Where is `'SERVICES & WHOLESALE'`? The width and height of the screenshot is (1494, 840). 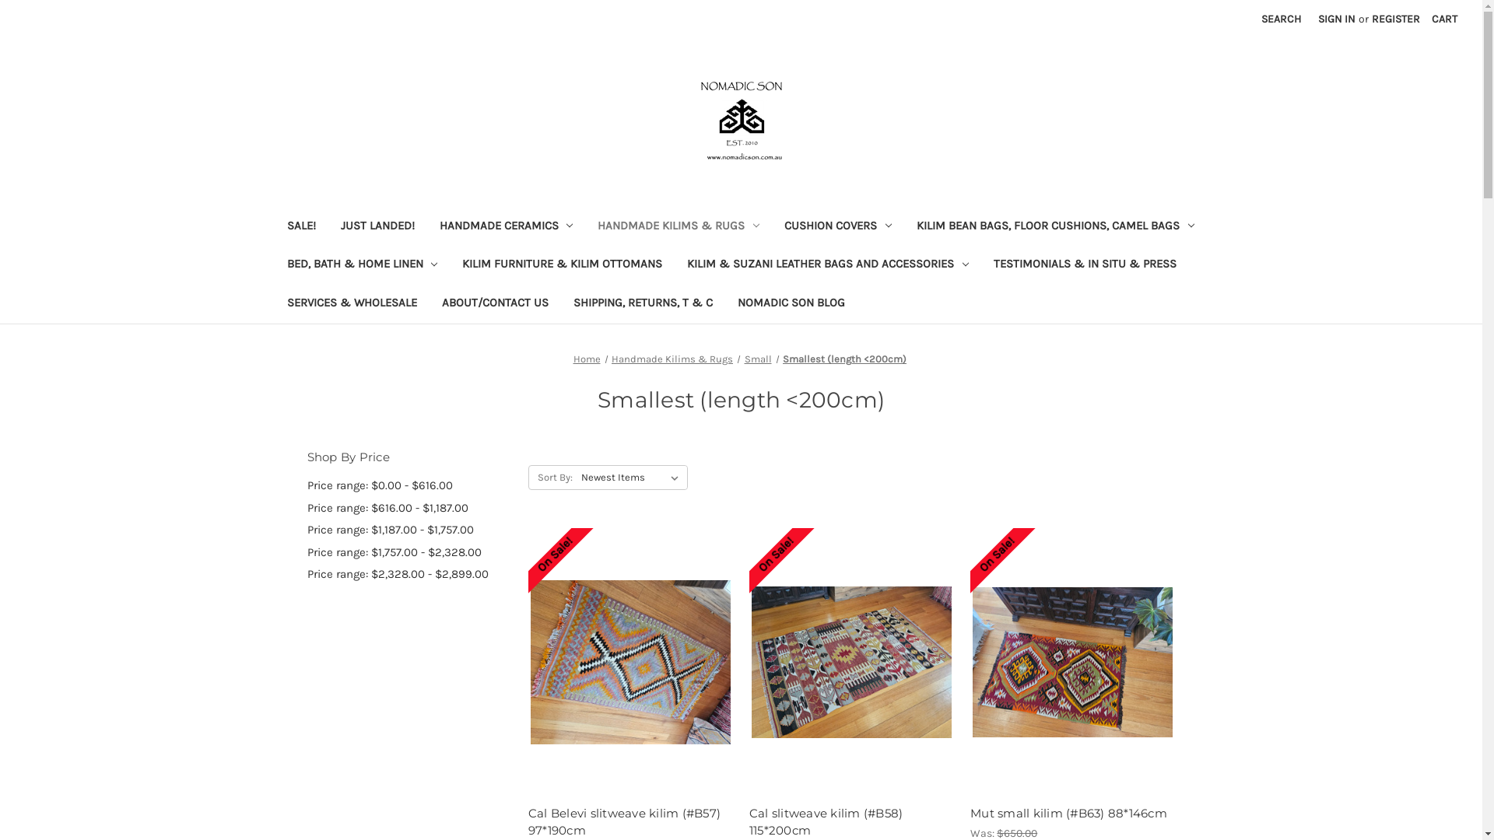
'SERVICES & WHOLESALE' is located at coordinates (273, 304).